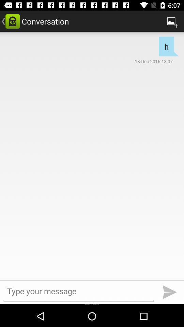 The height and width of the screenshot is (327, 184). I want to click on the send icon, so click(169, 292).